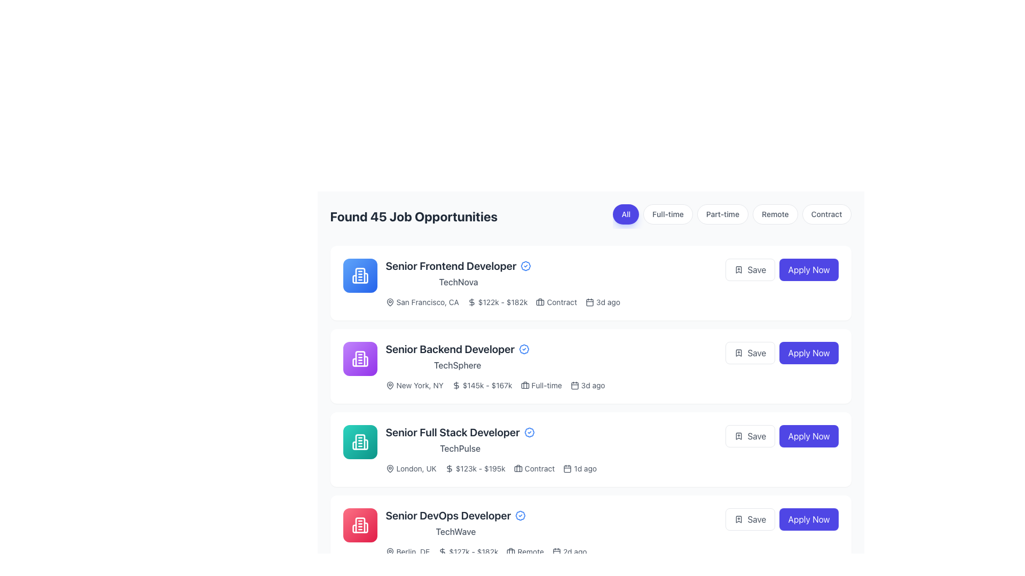  Describe the element at coordinates (407, 551) in the screenshot. I see `the Label with icon displaying the job location for 'Senior DevOps Developer' positioned near the bottom-left corner of the job entry under the 'Location' section` at that location.